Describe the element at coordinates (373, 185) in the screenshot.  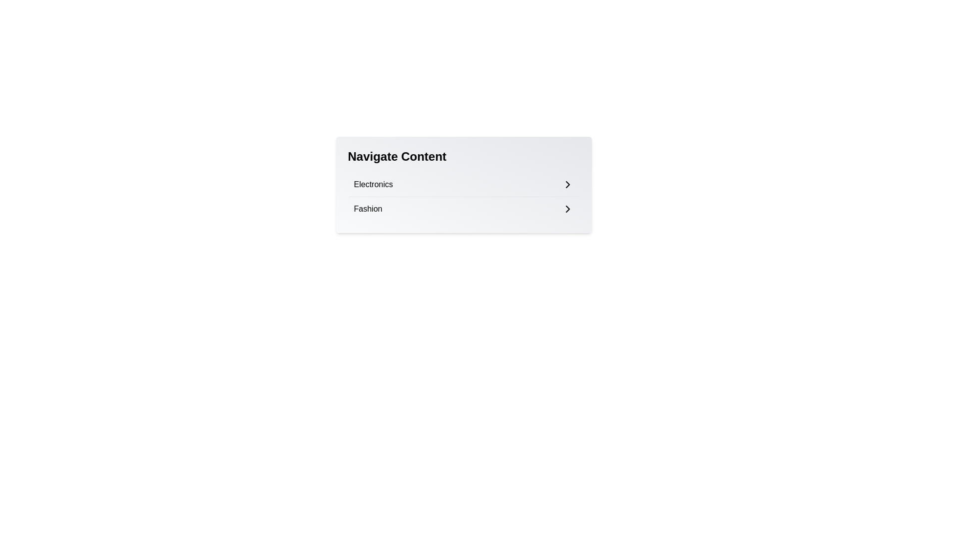
I see `text label positioned at the top of the 'Navigate Content' card interface, which serves as a category or option label` at that location.